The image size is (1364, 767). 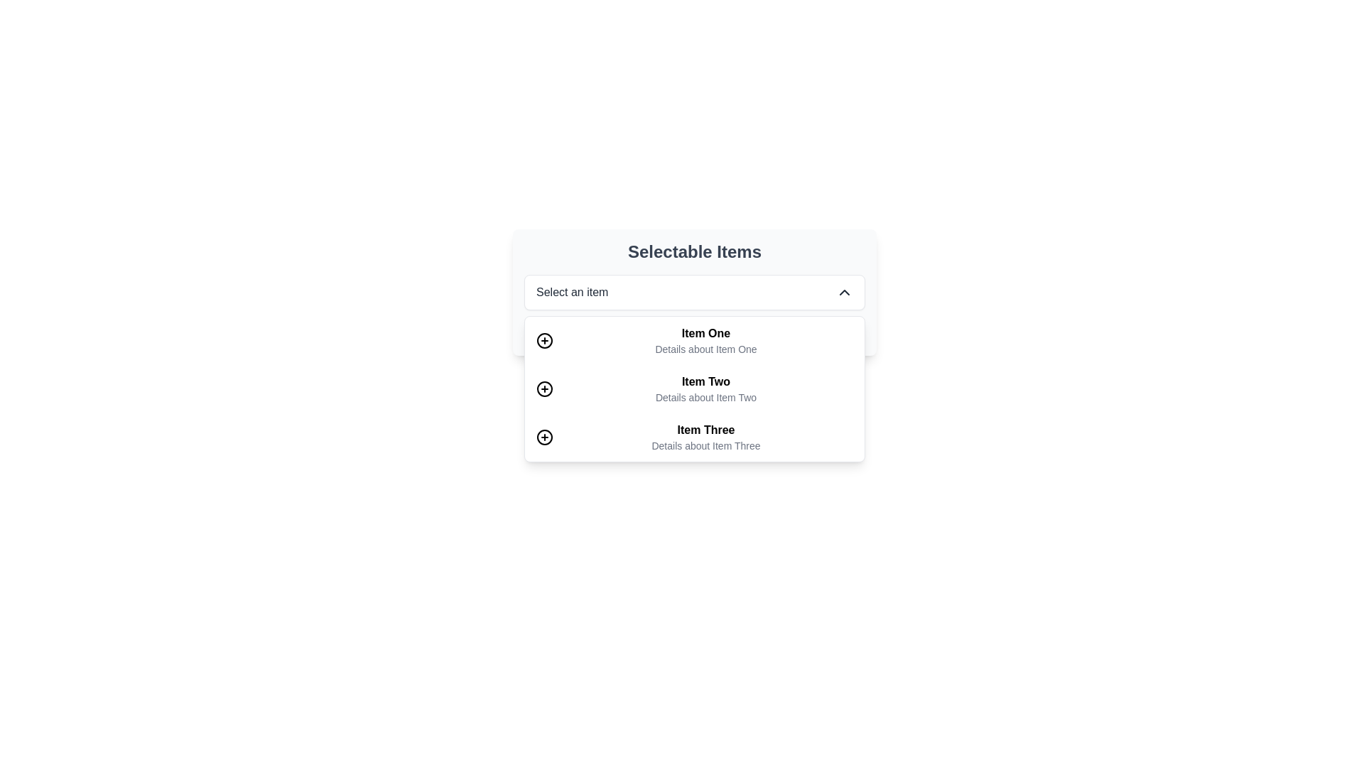 What do you see at coordinates (695, 340) in the screenshot?
I see `the first item` at bounding box center [695, 340].